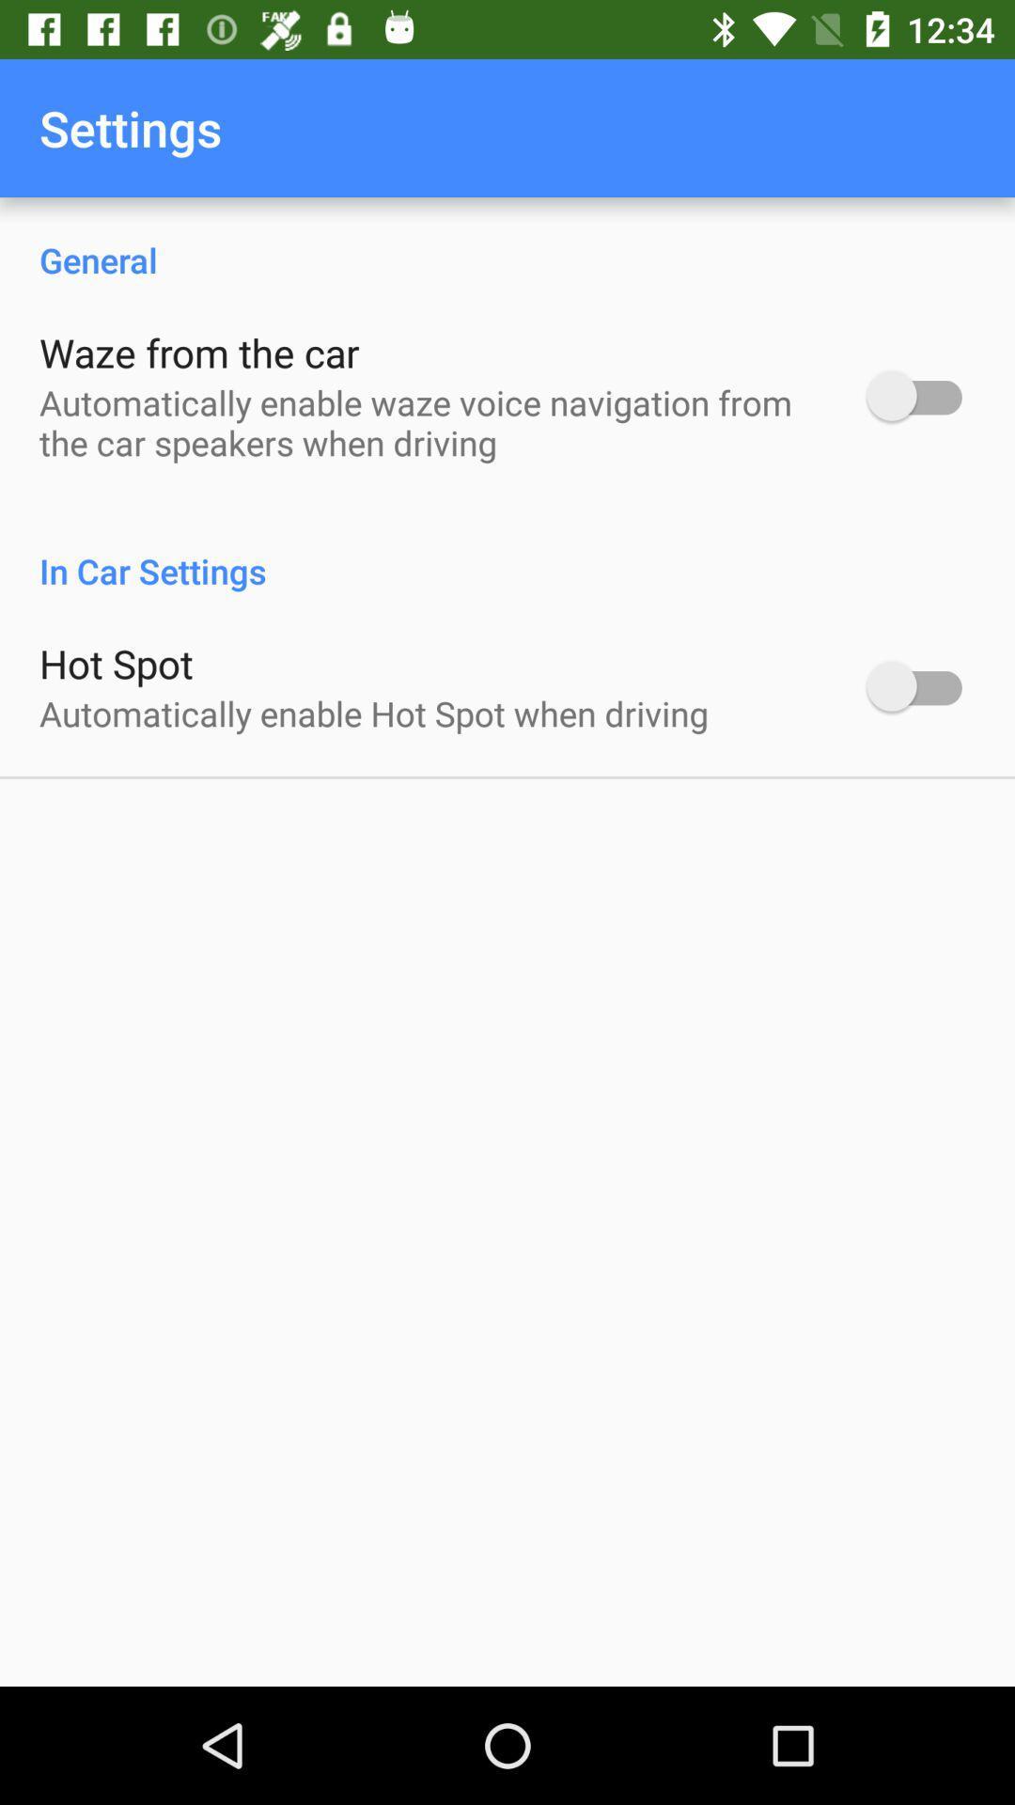 The image size is (1015, 1805). I want to click on the in car settings, so click(507, 550).